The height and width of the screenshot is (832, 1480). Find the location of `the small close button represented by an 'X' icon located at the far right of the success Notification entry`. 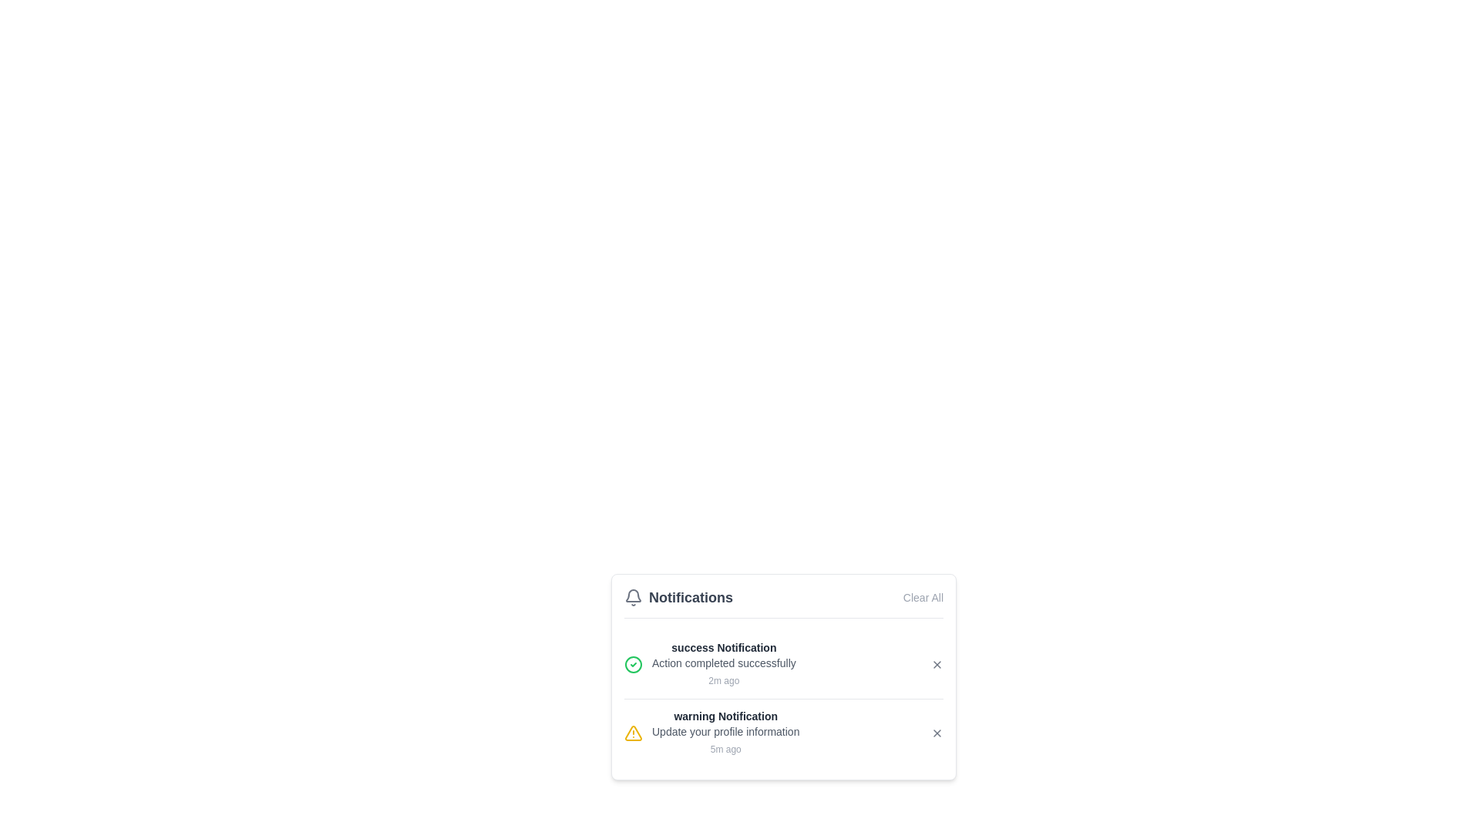

the small close button represented by an 'X' icon located at the far right of the success Notification entry is located at coordinates (936, 664).